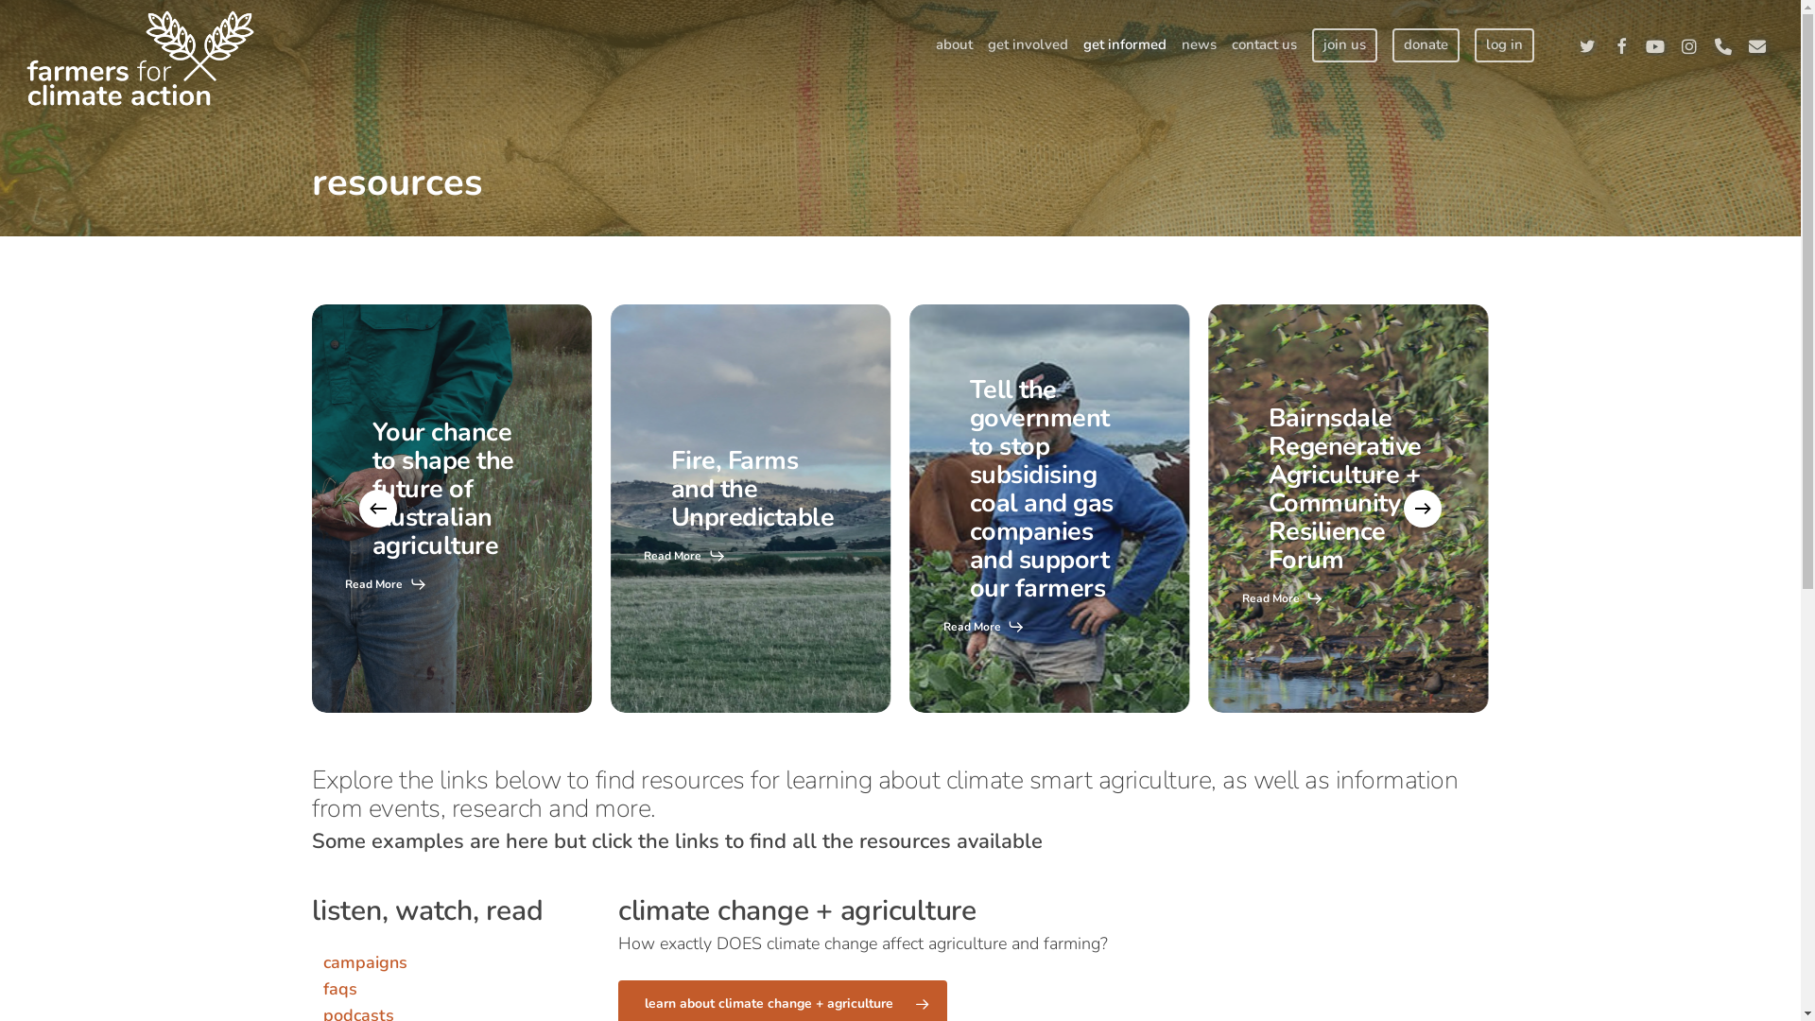 The image size is (1815, 1021). Describe the element at coordinates (1027, 43) in the screenshot. I see `'get involved'` at that location.